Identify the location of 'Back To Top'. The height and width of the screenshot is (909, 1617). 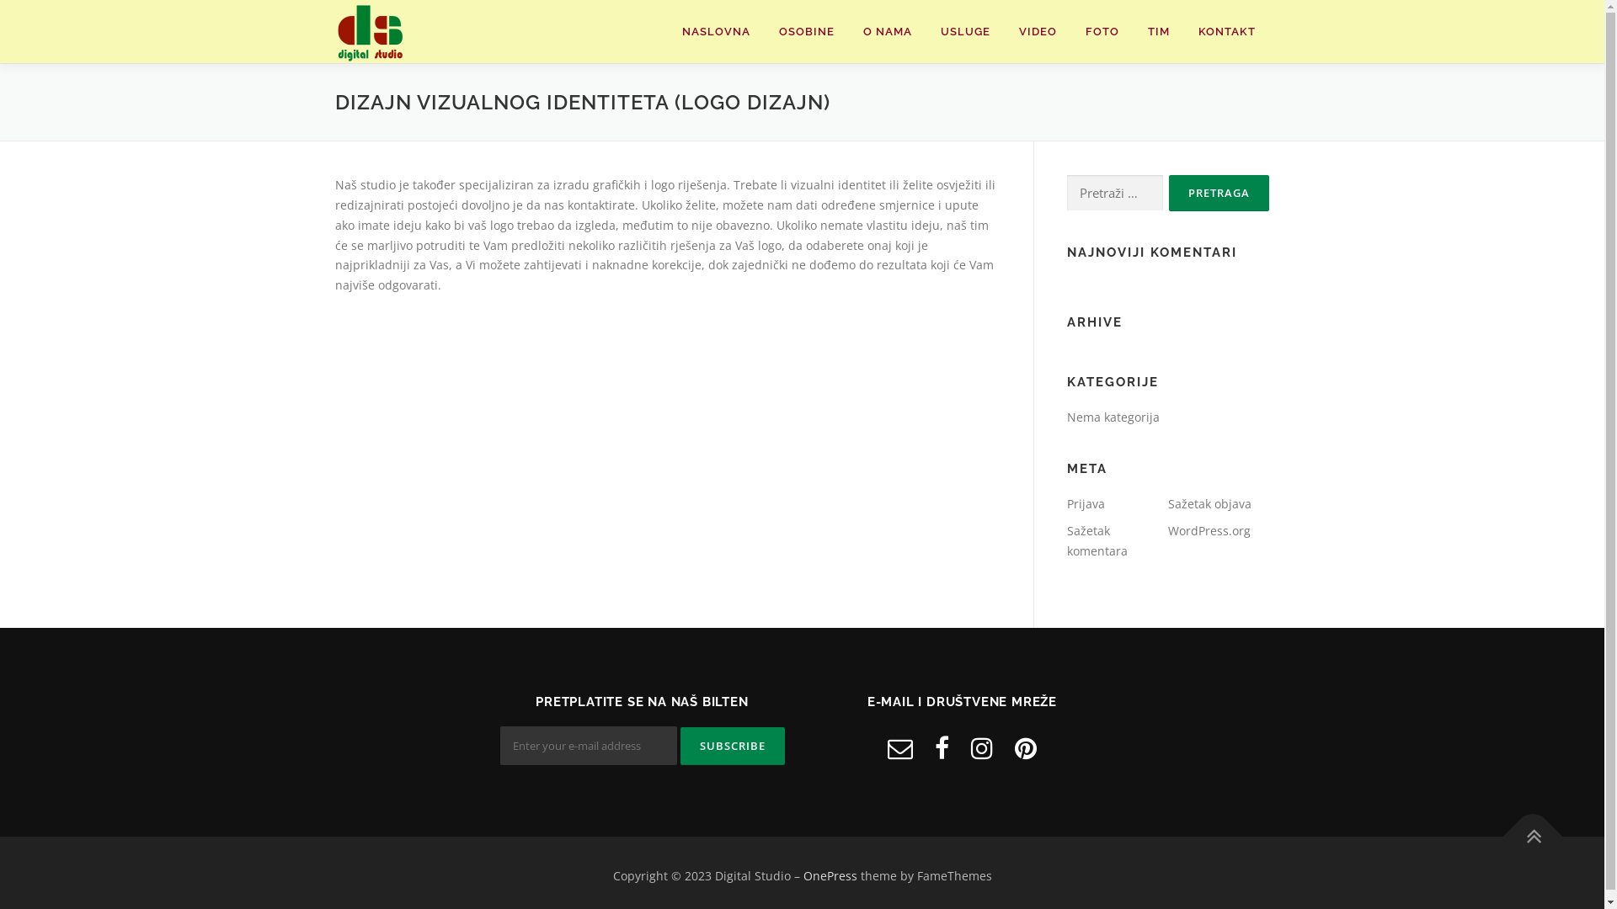
(1524, 827).